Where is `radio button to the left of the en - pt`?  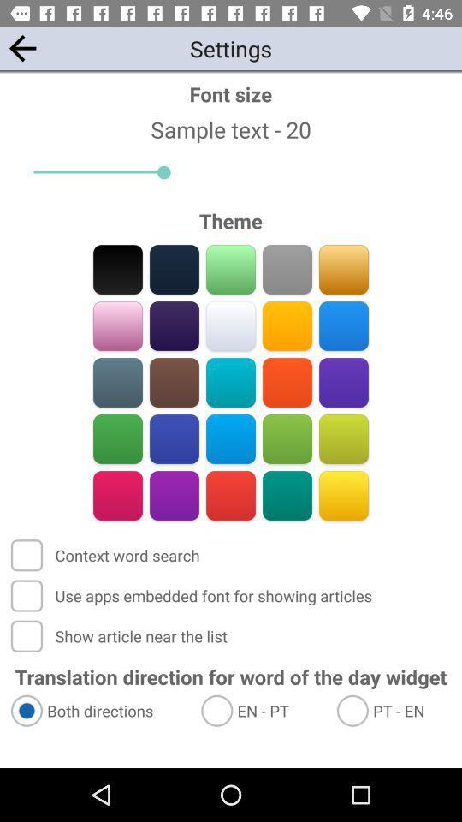
radio button to the left of the en - pt is located at coordinates (98, 711).